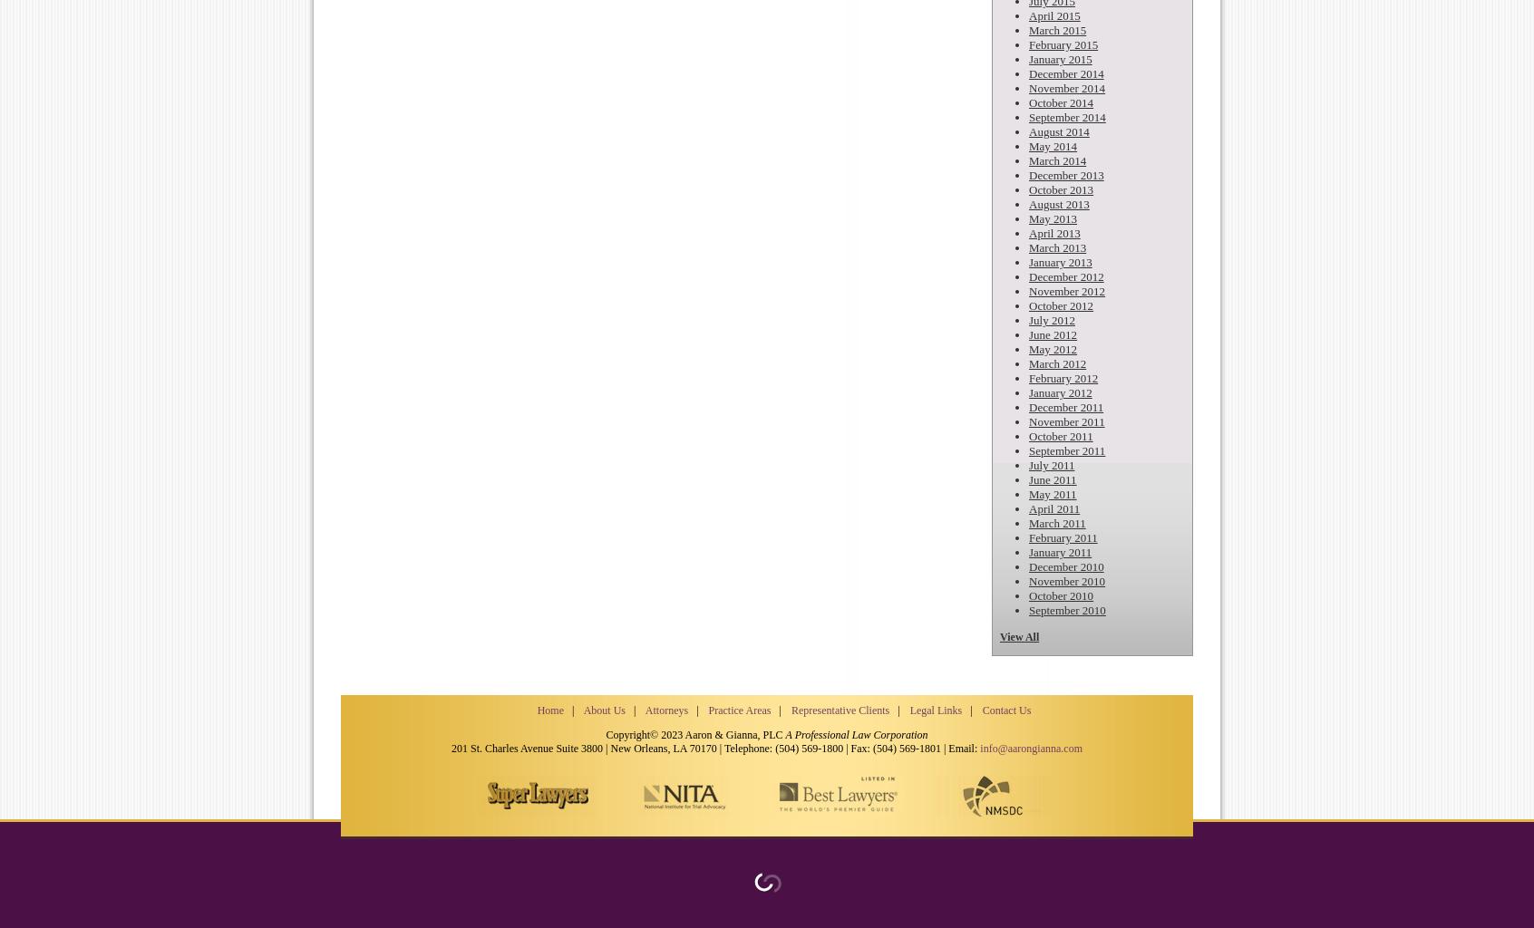  Describe the element at coordinates (581, 747) in the screenshot. I see `'Suite 3800  |'` at that location.